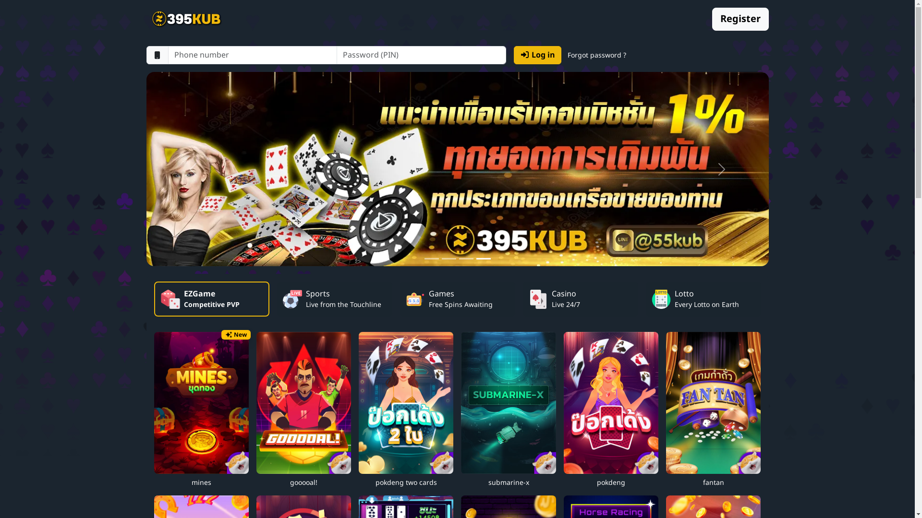 This screenshot has width=922, height=518. I want to click on 'pokdeng', so click(610, 410).